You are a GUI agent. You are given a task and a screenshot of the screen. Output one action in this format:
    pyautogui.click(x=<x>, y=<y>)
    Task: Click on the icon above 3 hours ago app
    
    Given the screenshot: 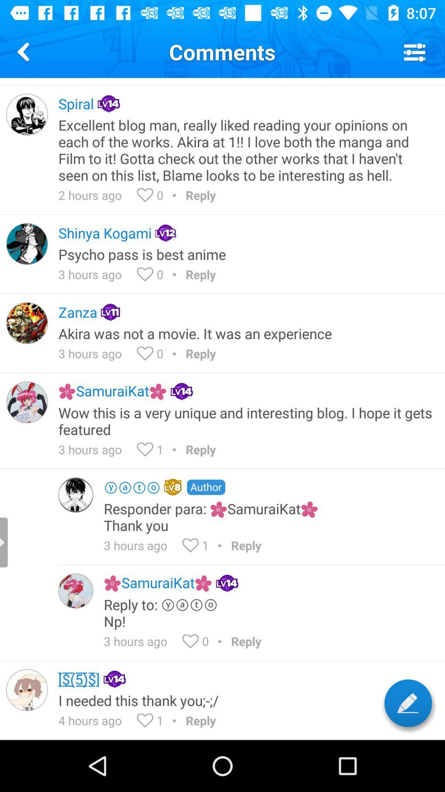 What is the action you would take?
    pyautogui.click(x=246, y=254)
    